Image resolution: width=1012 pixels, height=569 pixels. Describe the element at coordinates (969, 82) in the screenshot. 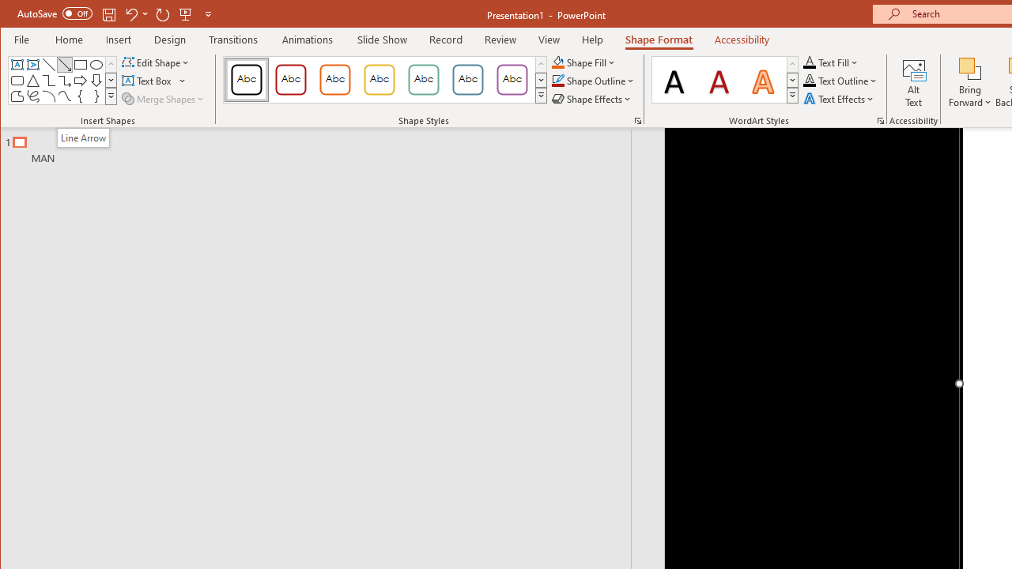

I see `'Bring Forward'` at that location.